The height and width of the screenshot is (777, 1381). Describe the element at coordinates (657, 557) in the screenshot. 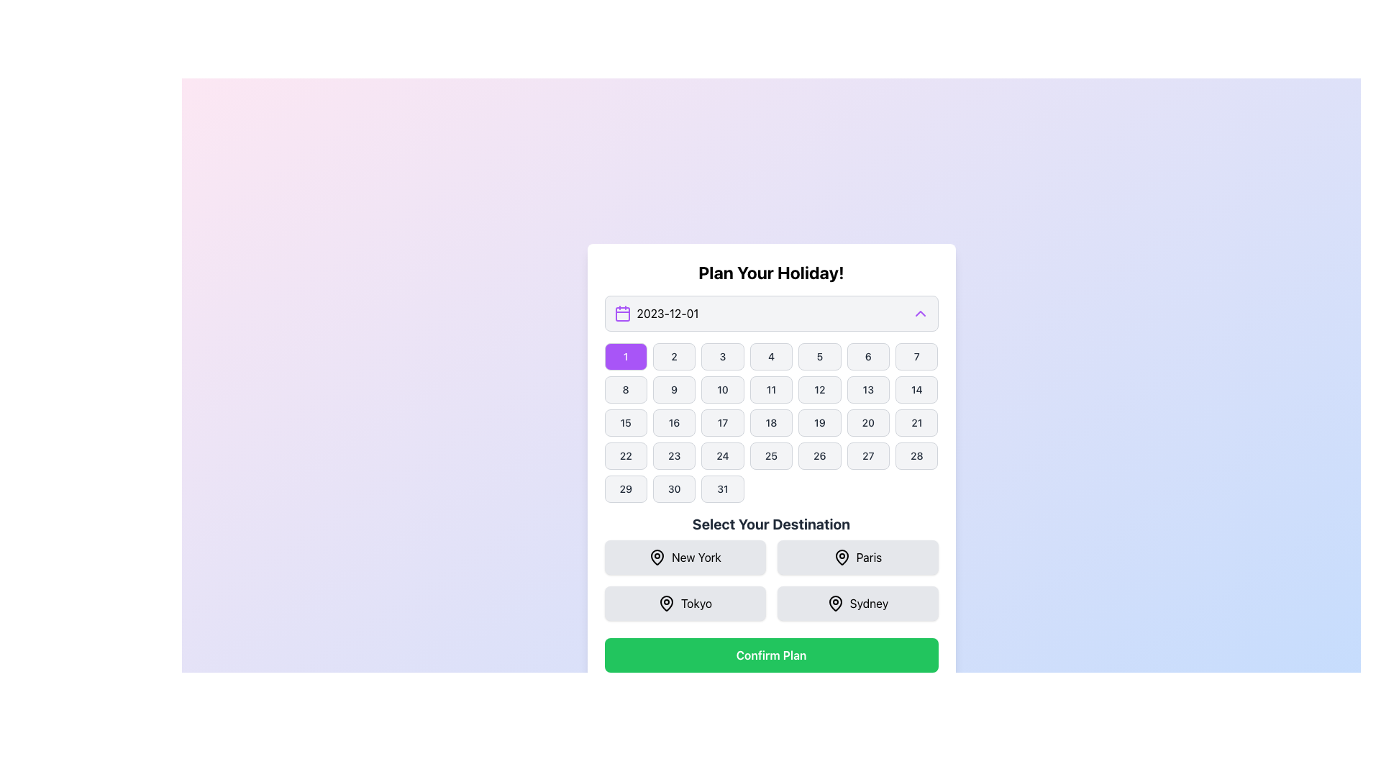

I see `the location marker icon representing 'New York' in the destination selection grid` at that location.